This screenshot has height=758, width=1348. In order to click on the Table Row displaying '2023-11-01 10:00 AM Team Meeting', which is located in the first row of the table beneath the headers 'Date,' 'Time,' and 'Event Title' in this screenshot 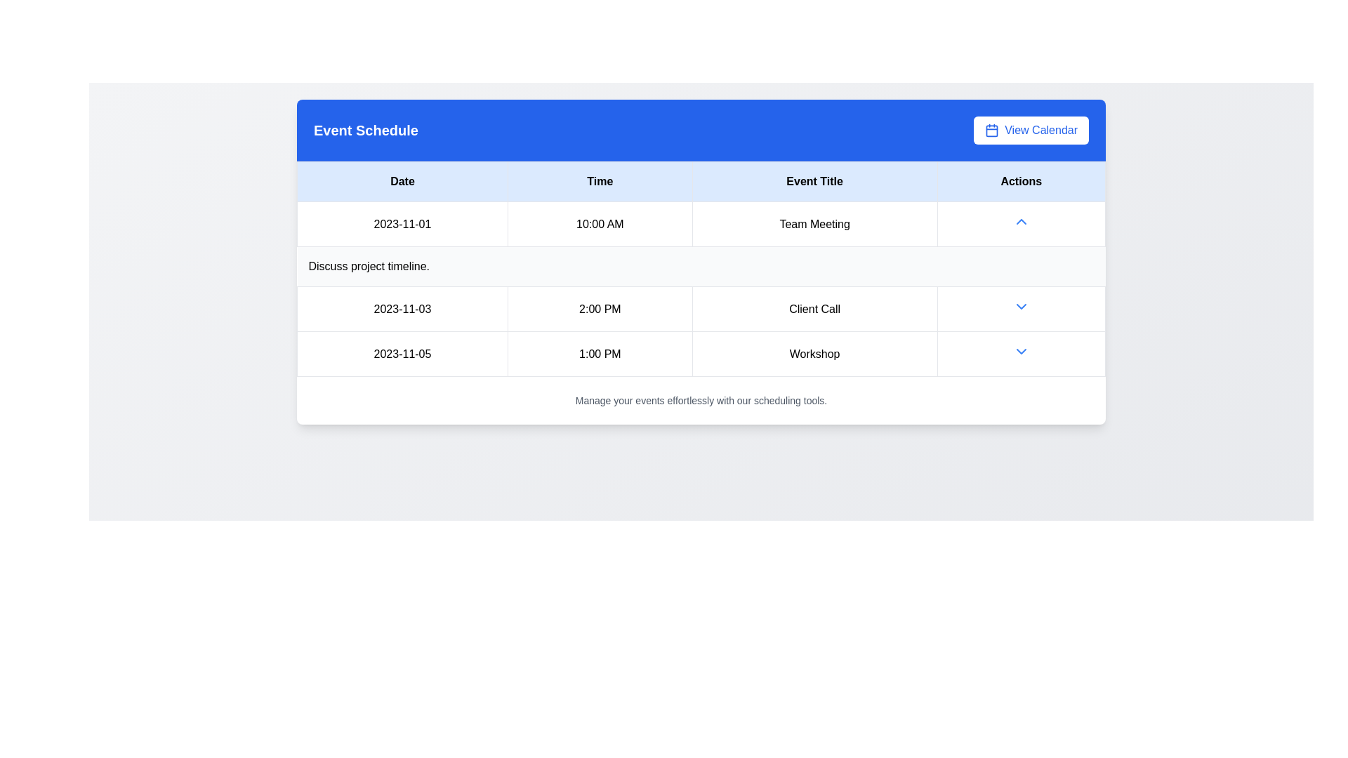, I will do `click(701, 223)`.